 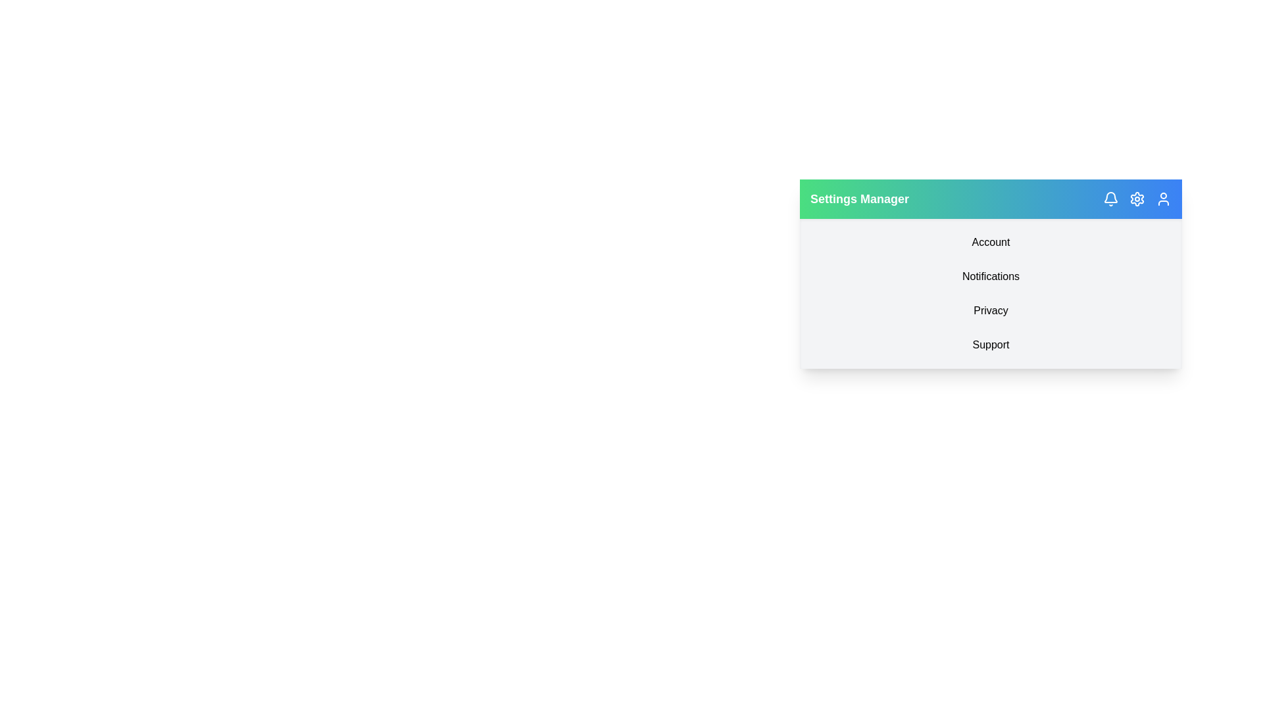 I want to click on the 'Support' menu item in the navigation menu, so click(x=991, y=344).